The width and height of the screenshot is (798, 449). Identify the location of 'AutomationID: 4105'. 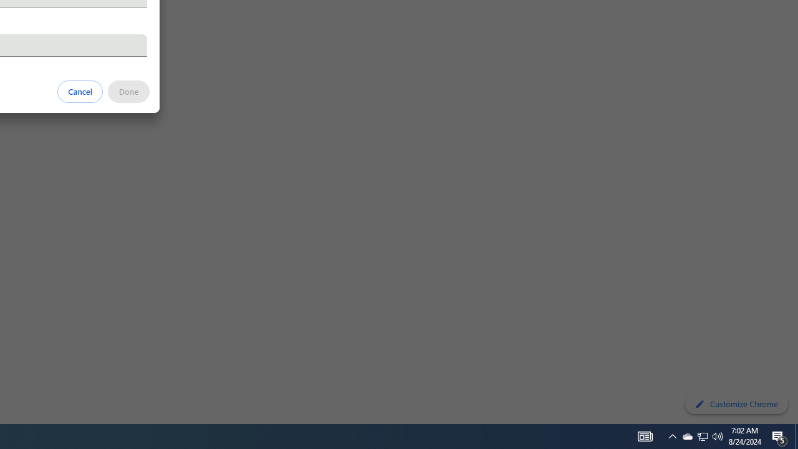
(645, 435).